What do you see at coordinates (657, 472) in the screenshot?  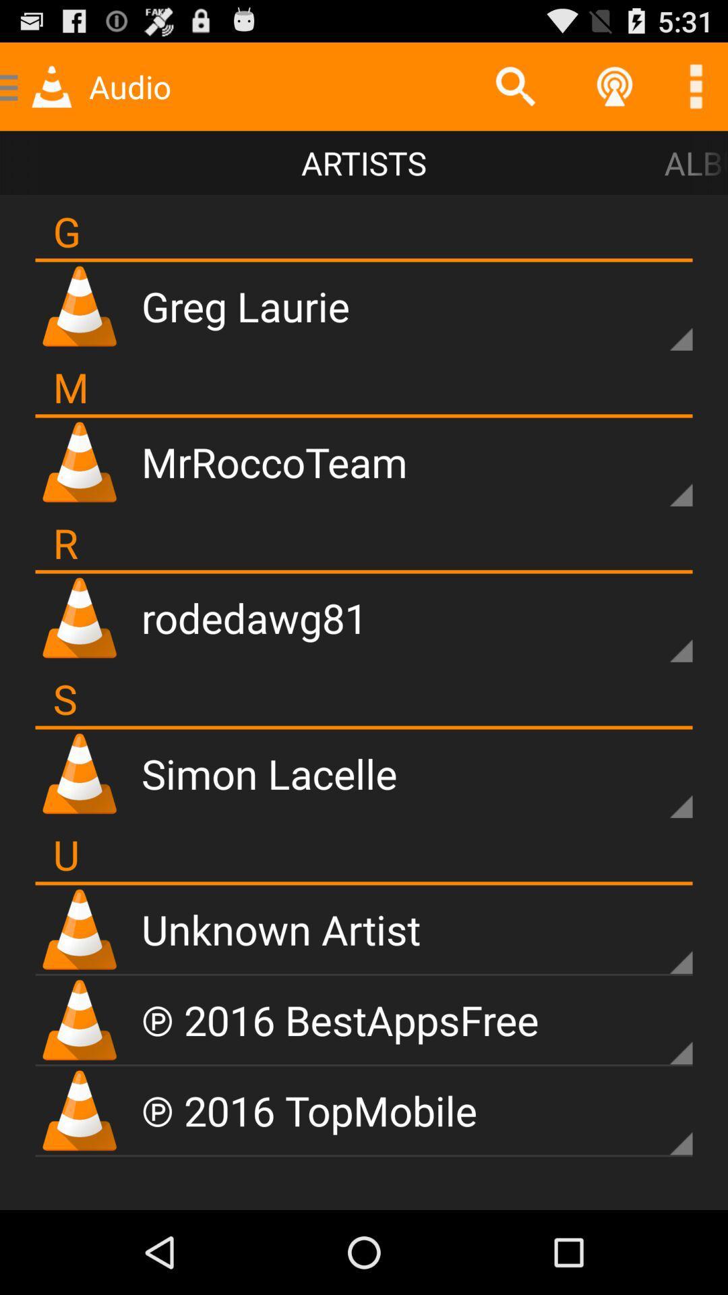 I see `expands mrroccoteam playlist` at bounding box center [657, 472].